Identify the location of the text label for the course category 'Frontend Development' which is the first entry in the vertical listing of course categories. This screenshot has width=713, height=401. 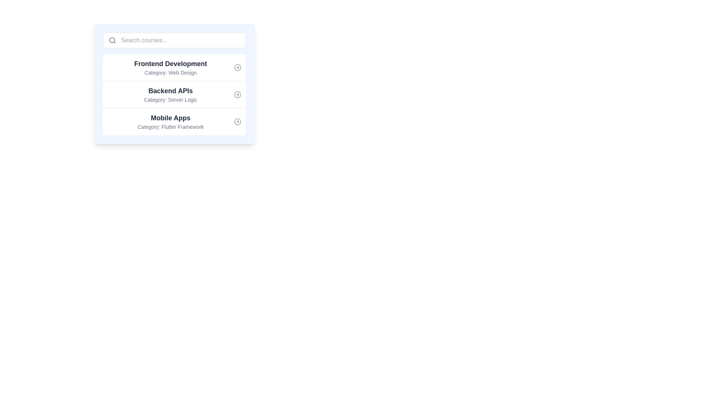
(170, 67).